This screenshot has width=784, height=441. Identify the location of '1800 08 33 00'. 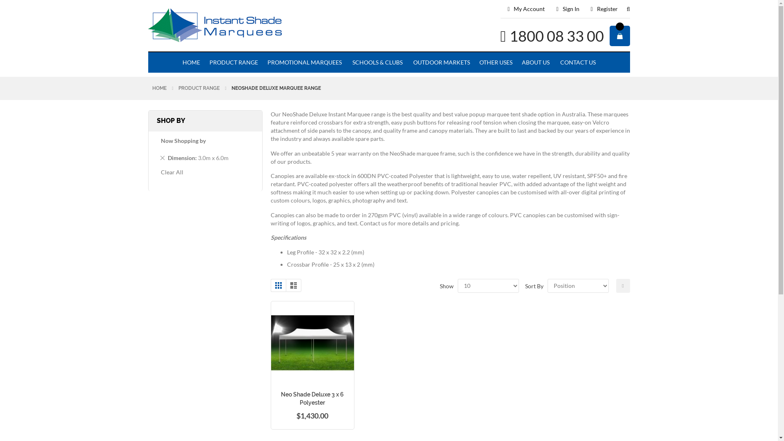
(556, 36).